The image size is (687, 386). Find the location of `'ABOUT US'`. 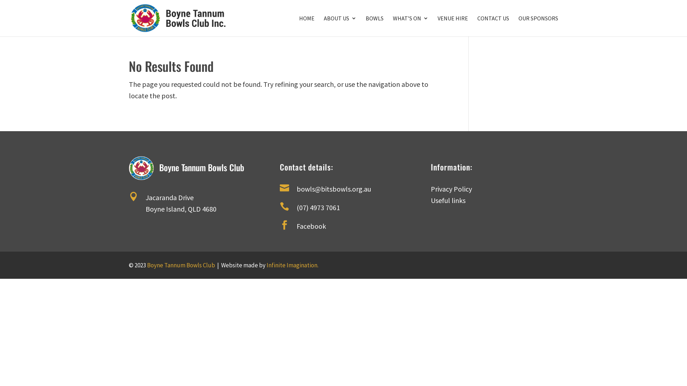

'ABOUT US' is located at coordinates (340, 26).